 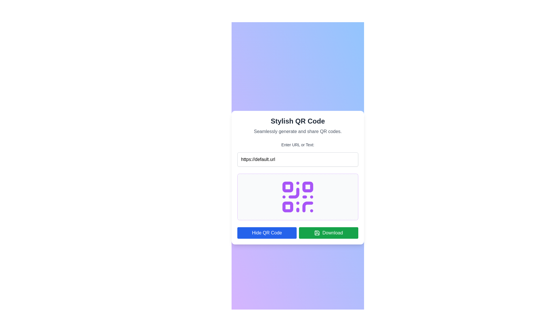 I want to click on the text label 'Enter URL or Text:', so click(x=298, y=144).